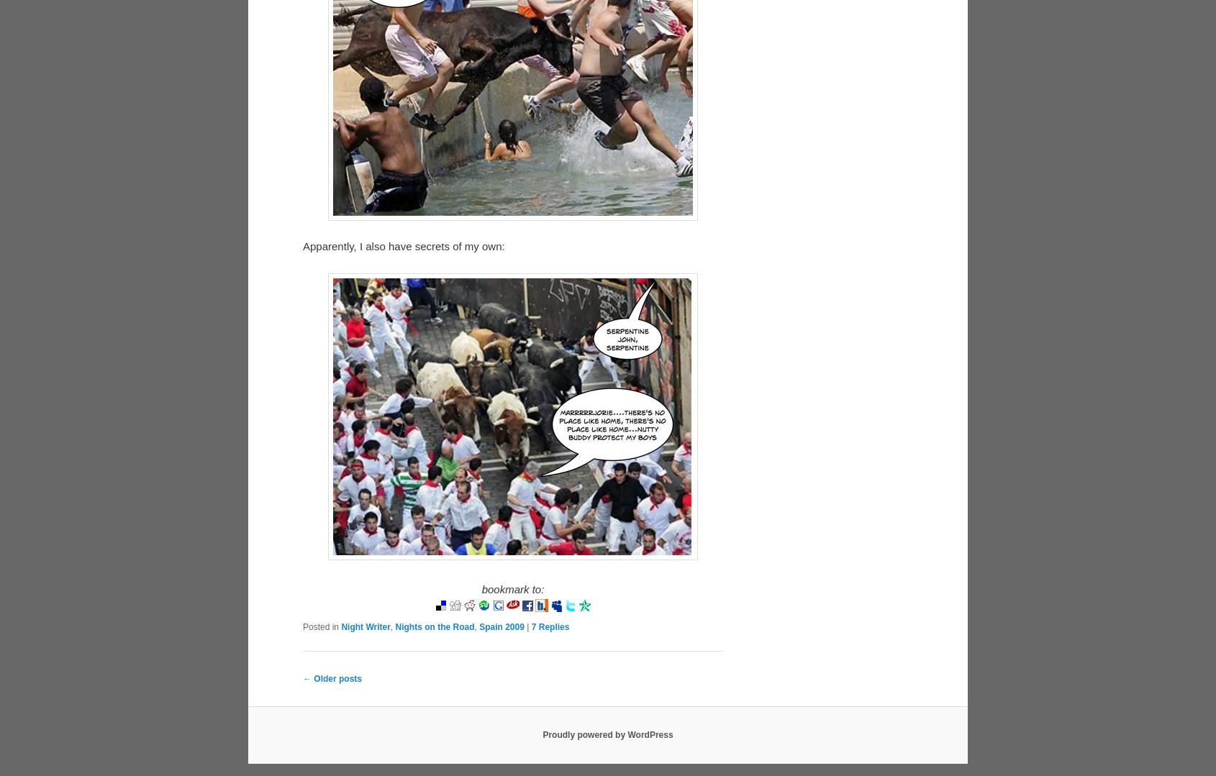 The image size is (1216, 776). I want to click on 'July 11, 2009', so click(369, 752).